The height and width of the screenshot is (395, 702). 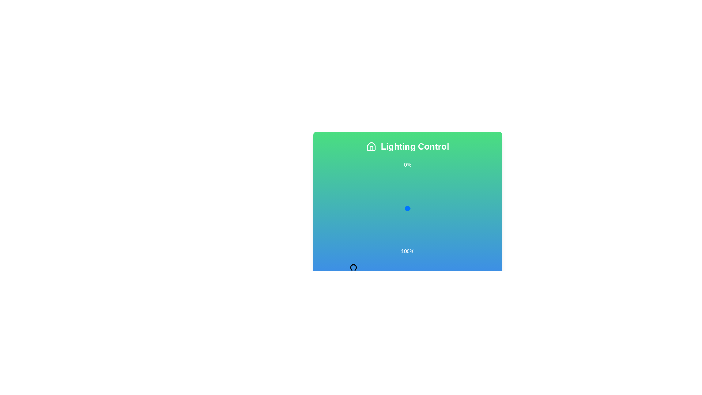 I want to click on the Slider/Range Input Component, so click(x=407, y=208).